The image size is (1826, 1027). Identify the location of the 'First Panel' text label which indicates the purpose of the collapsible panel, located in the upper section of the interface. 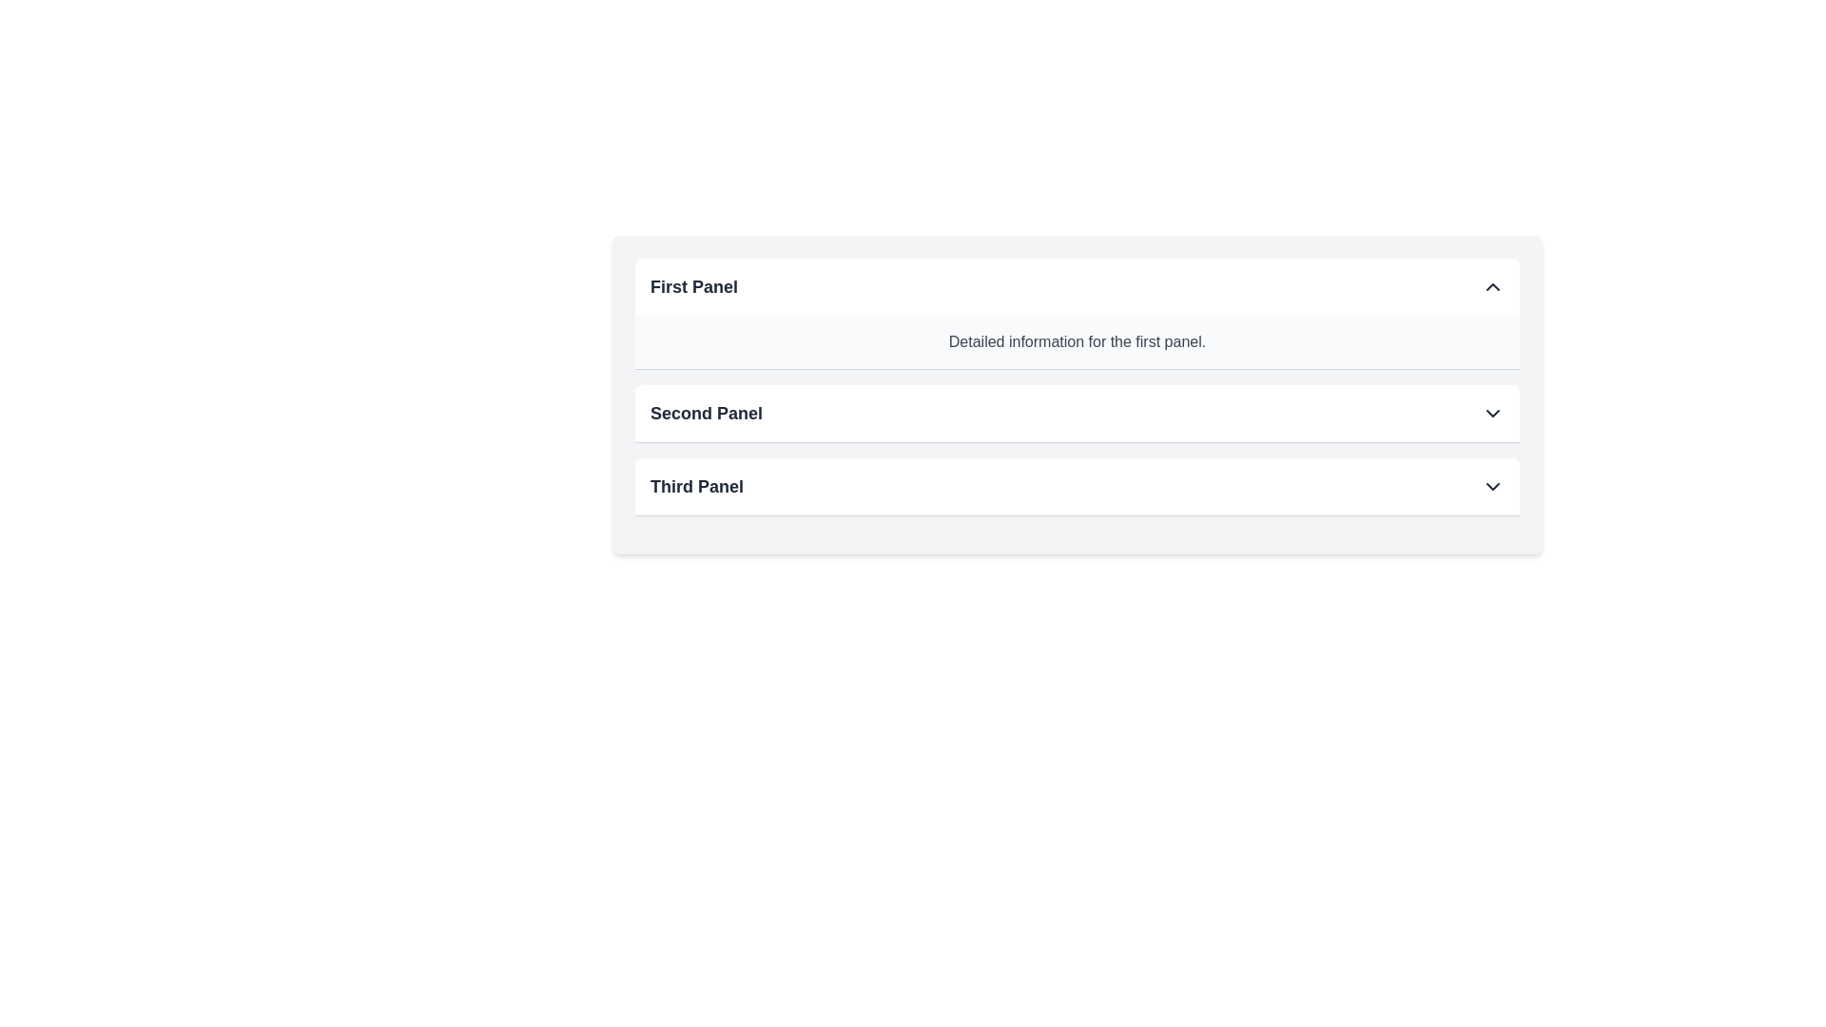
(692, 286).